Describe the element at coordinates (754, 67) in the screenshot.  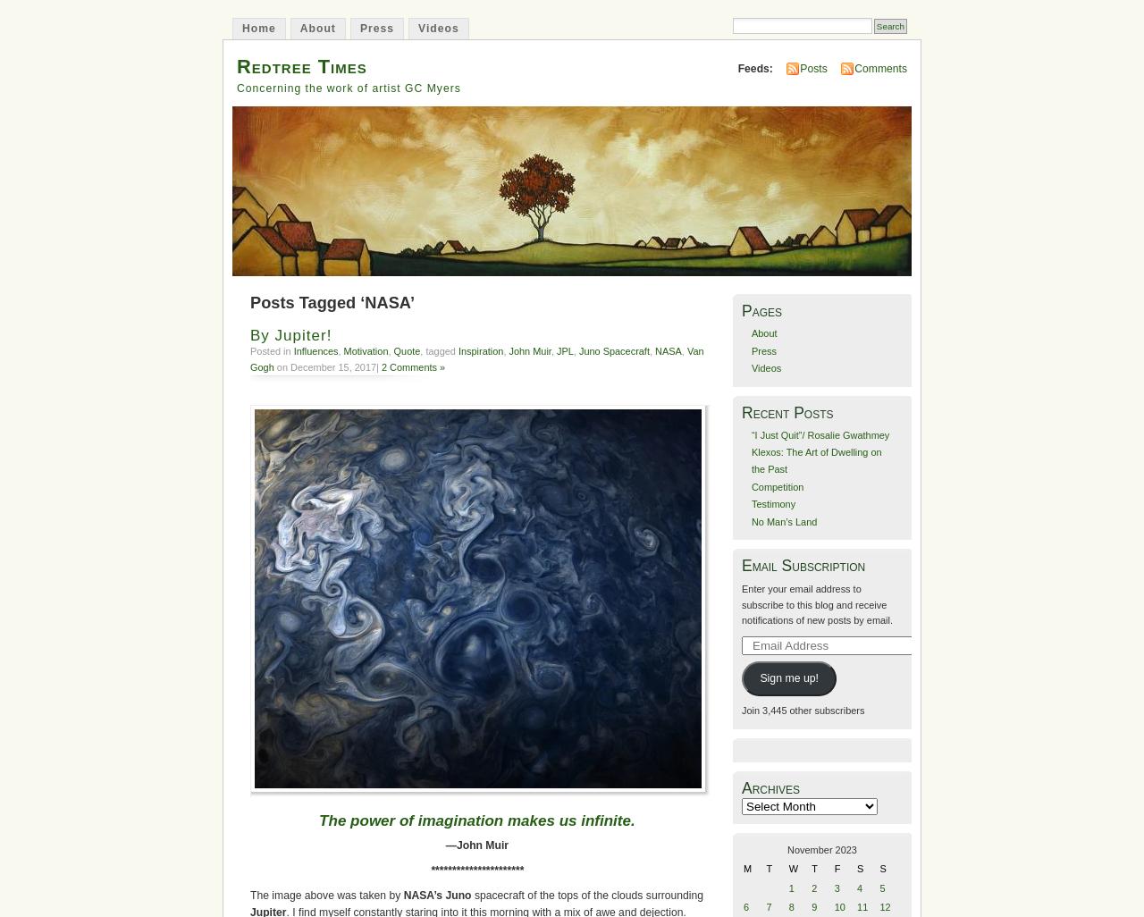
I see `'Feeds:'` at that location.